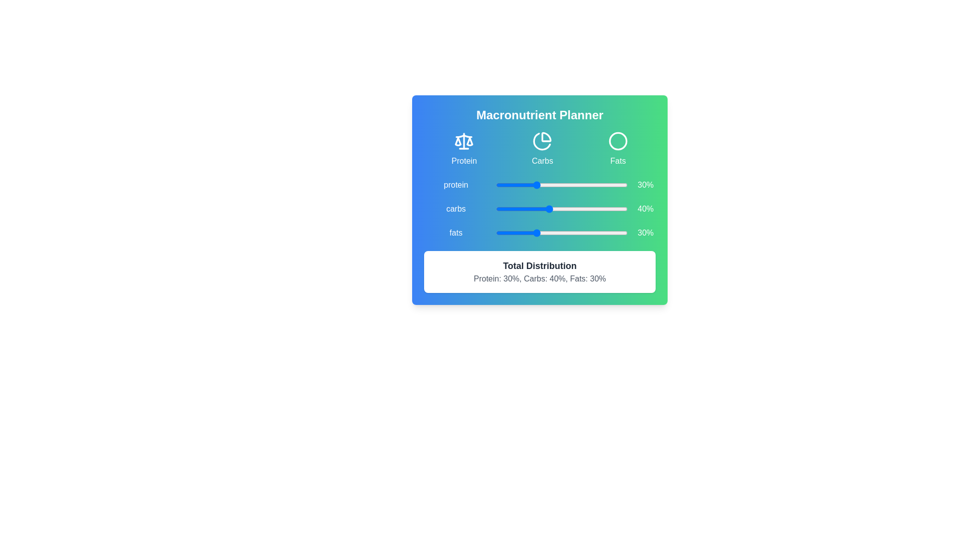  Describe the element at coordinates (542, 149) in the screenshot. I see `the carbohydrates icon with label, which is the second element in the macronutrient planner section, positioned between the protein and fats icons` at that location.